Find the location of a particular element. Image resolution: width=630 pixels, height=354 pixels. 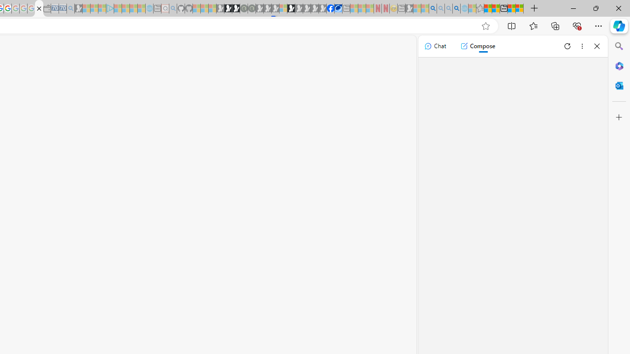

'Cheap Car Rentals - Save70.com - Sleeping' is located at coordinates (62, 8).